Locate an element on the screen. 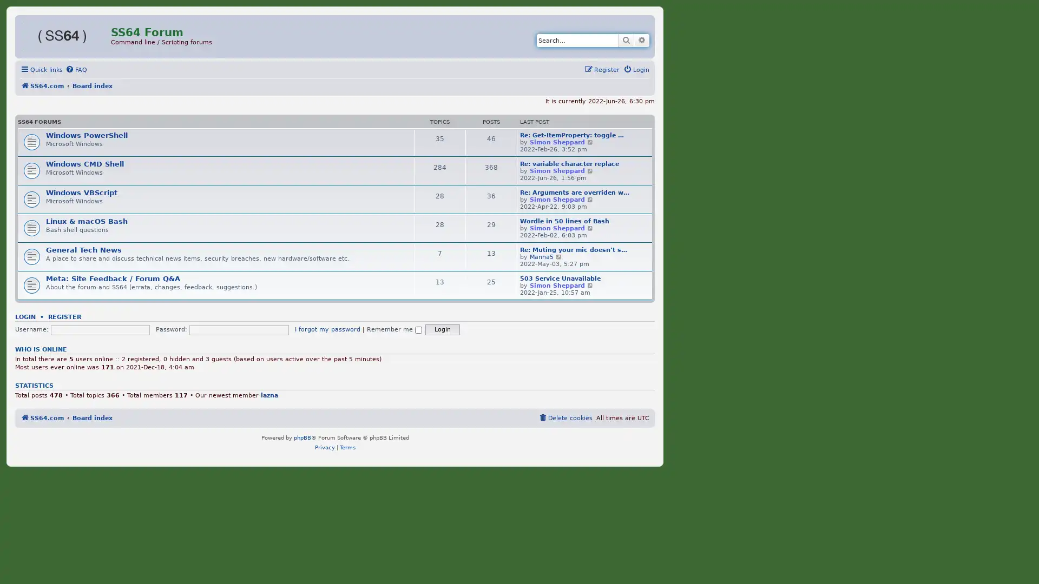  Search is located at coordinates (626, 39).